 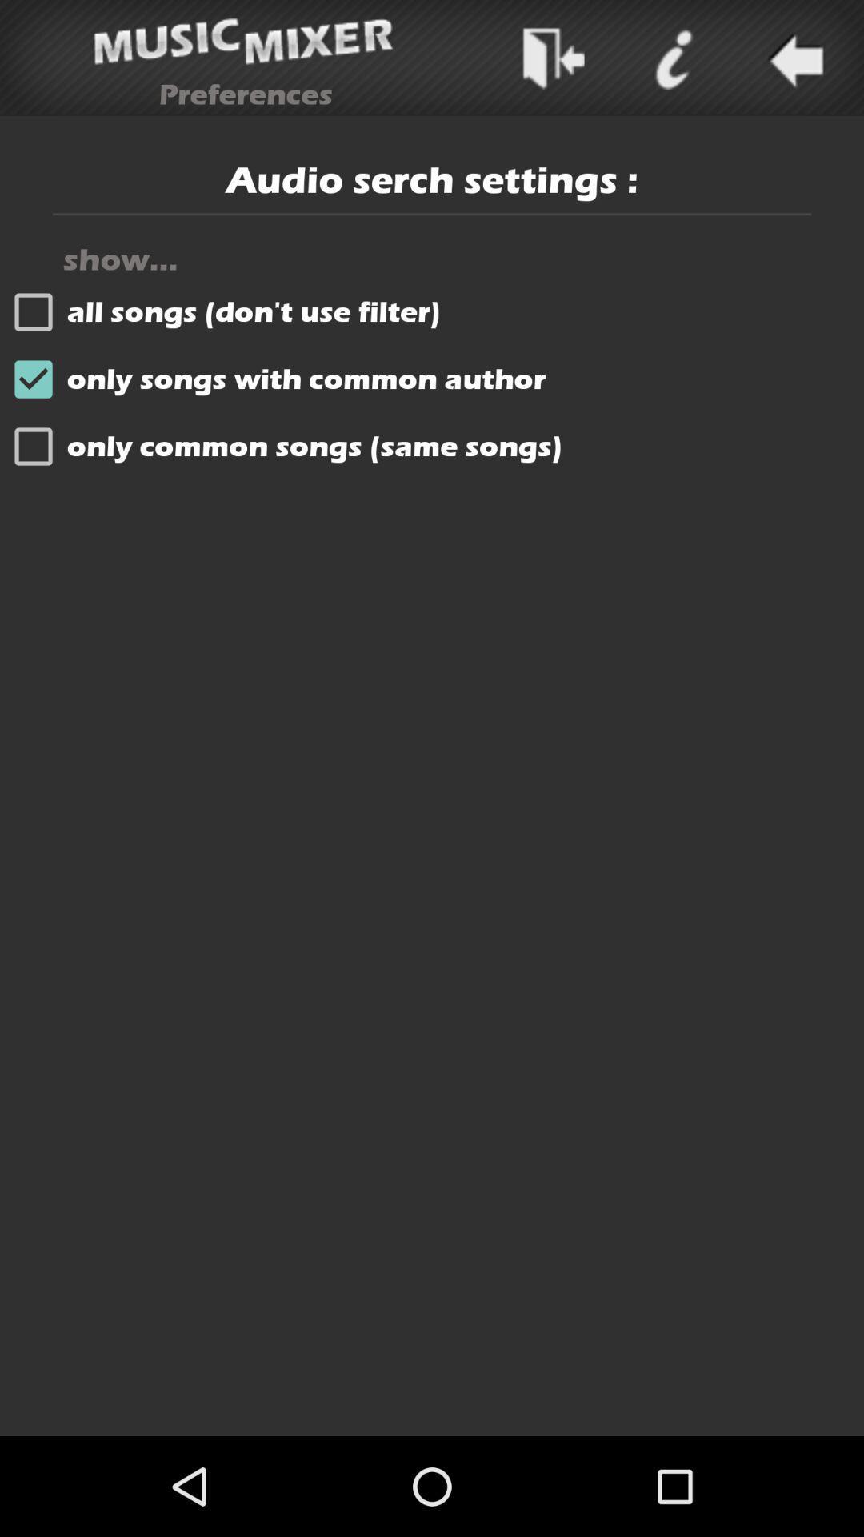 I want to click on go back, so click(x=793, y=58).